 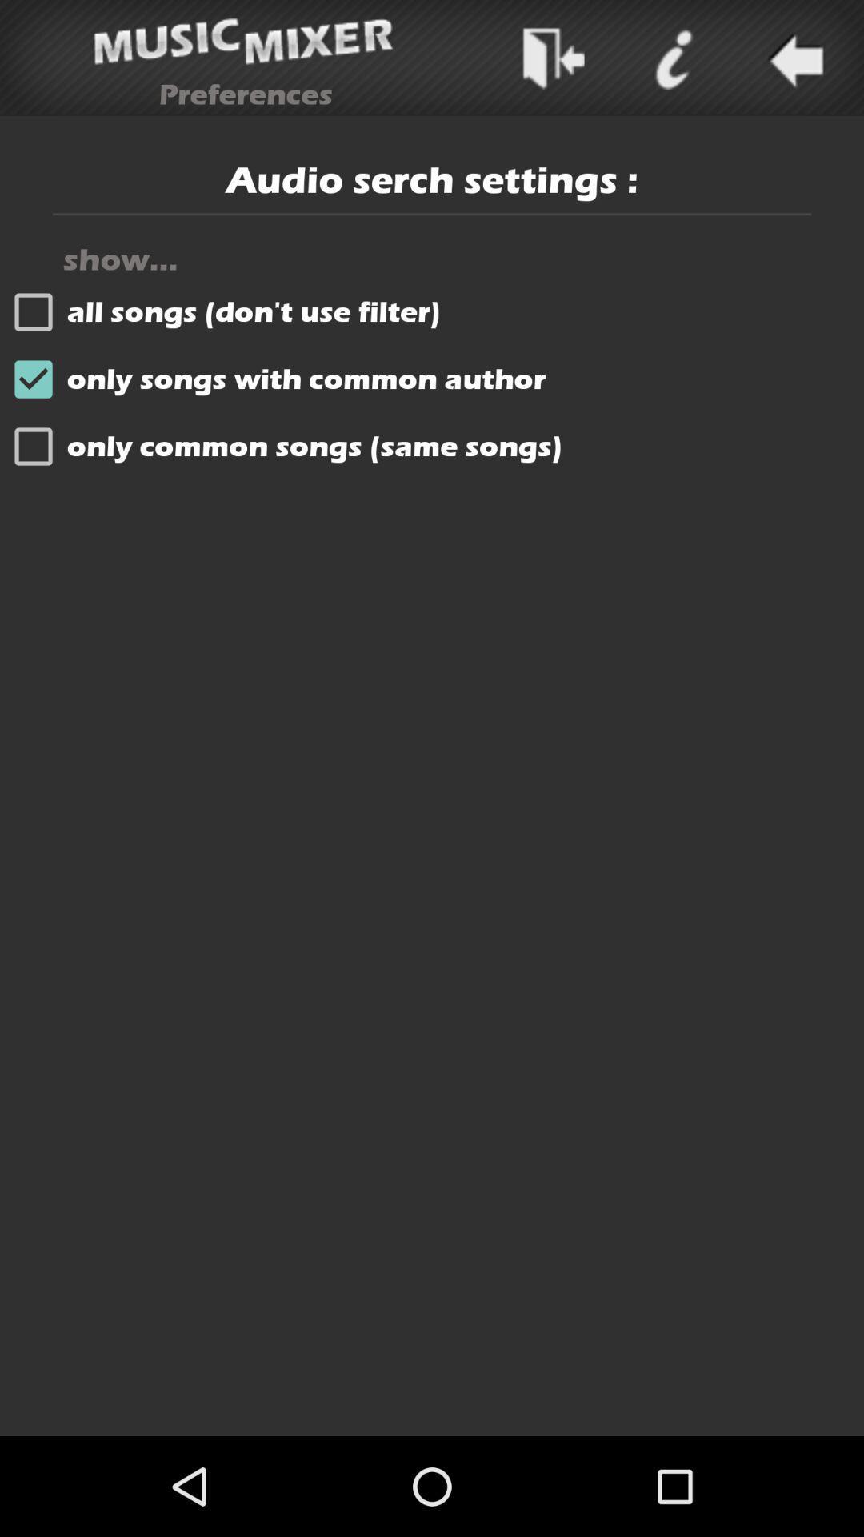 I want to click on go back, so click(x=793, y=58).